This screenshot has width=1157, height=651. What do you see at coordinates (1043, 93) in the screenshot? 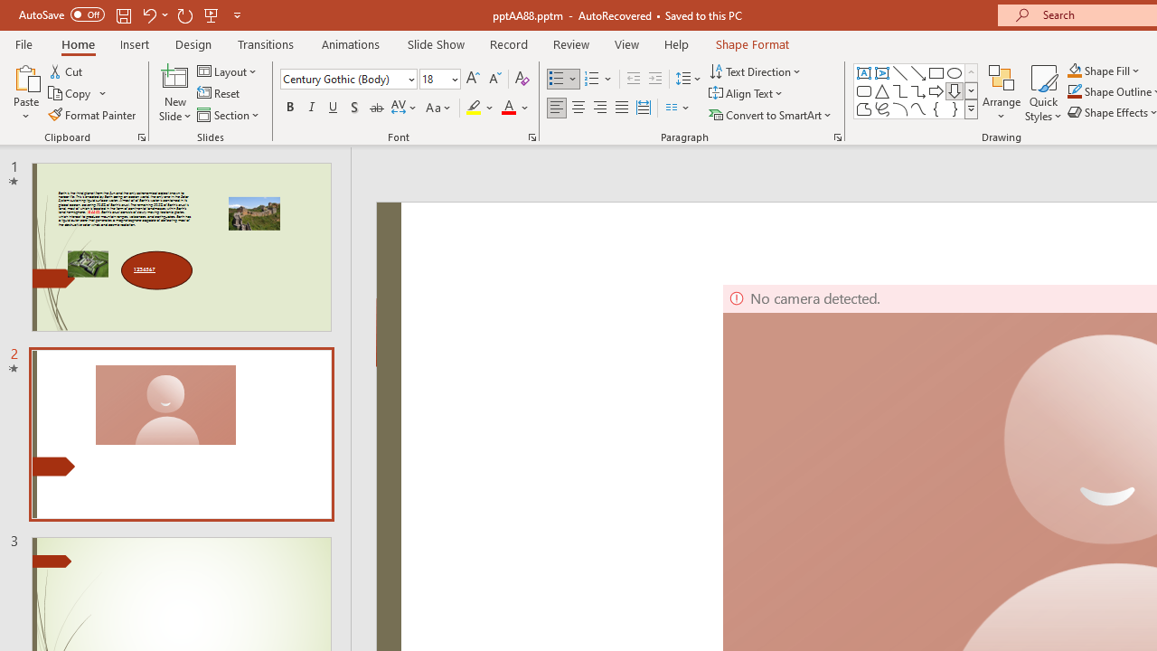
I see `'Quick Styles'` at bounding box center [1043, 93].